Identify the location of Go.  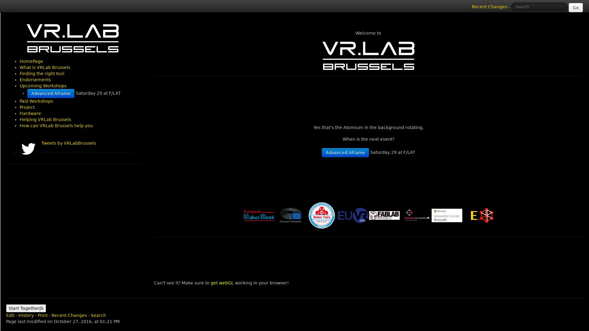
(575, 7).